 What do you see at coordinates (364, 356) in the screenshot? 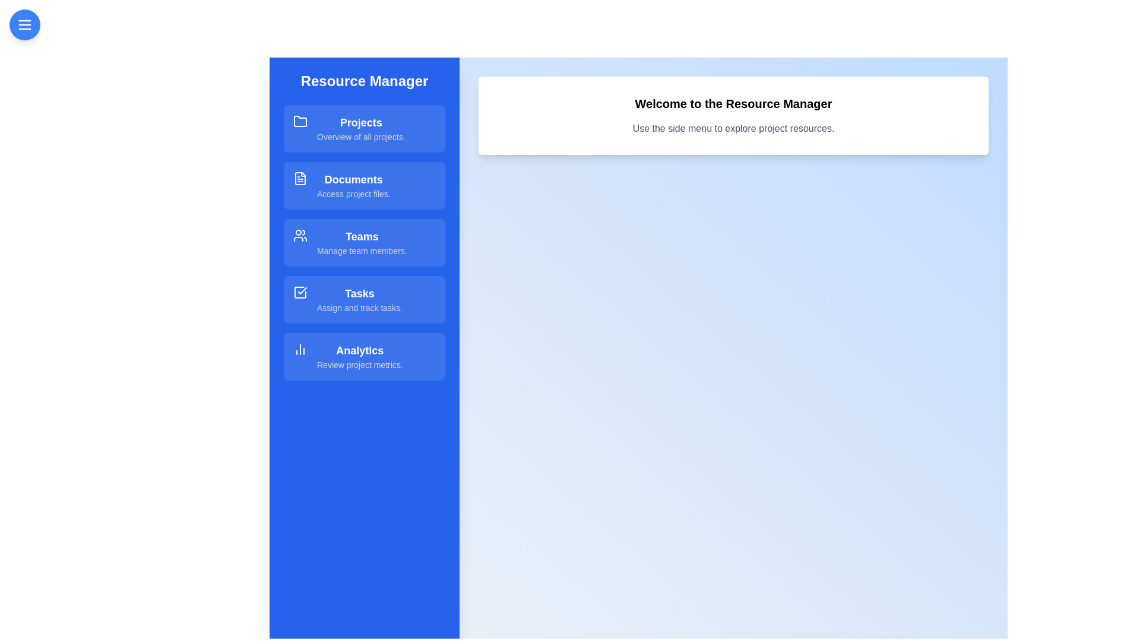
I see `the resource item Analytics to explore its hover effect` at bounding box center [364, 356].